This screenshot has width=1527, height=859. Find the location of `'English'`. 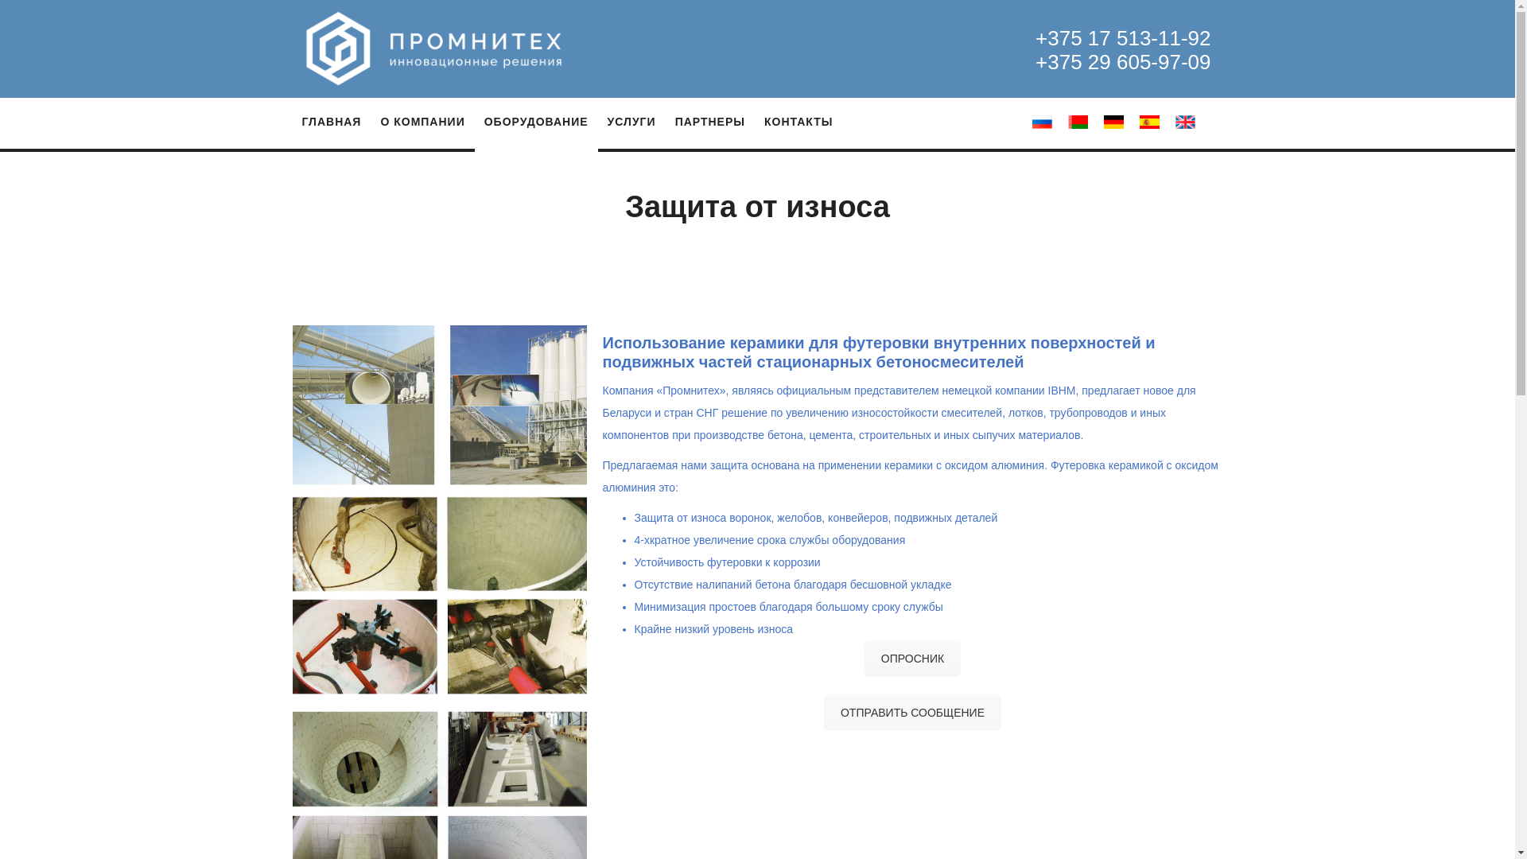

'English' is located at coordinates (1185, 121).